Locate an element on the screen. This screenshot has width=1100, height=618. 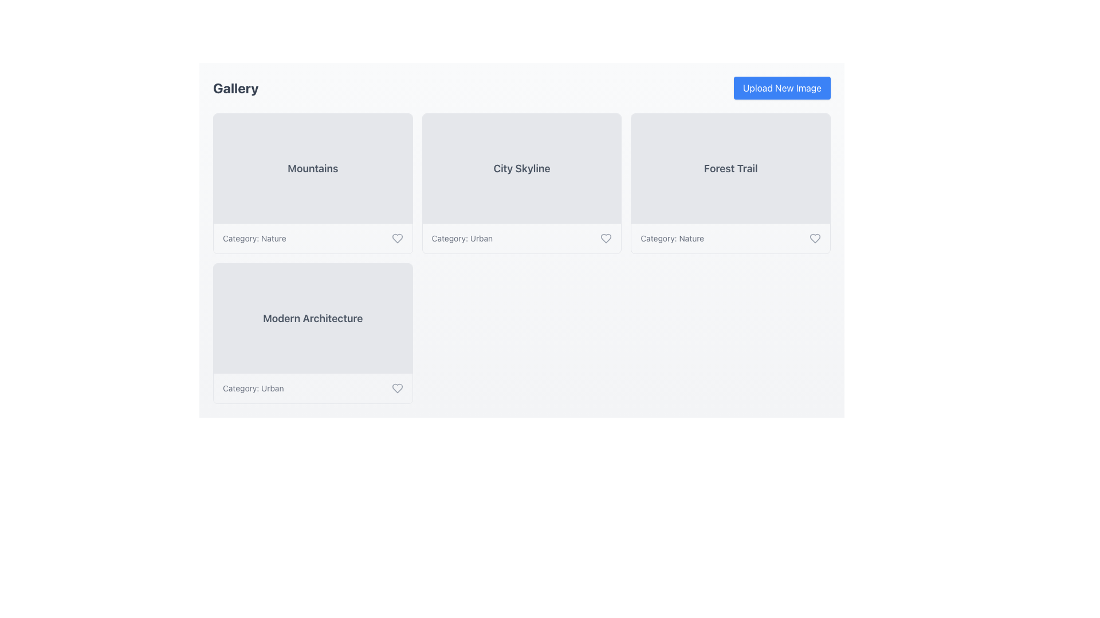
the heart-shaped icon outlined in gray, located next to the text 'Category: Urban', to observe its color change to red is located at coordinates (397, 387).